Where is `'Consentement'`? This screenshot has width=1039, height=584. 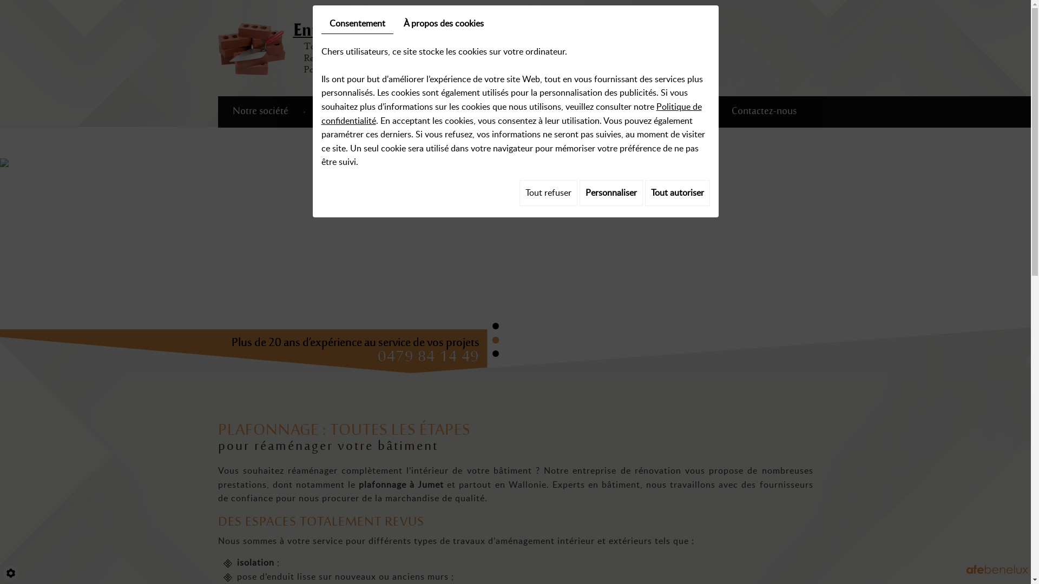 'Consentement' is located at coordinates (357, 24).